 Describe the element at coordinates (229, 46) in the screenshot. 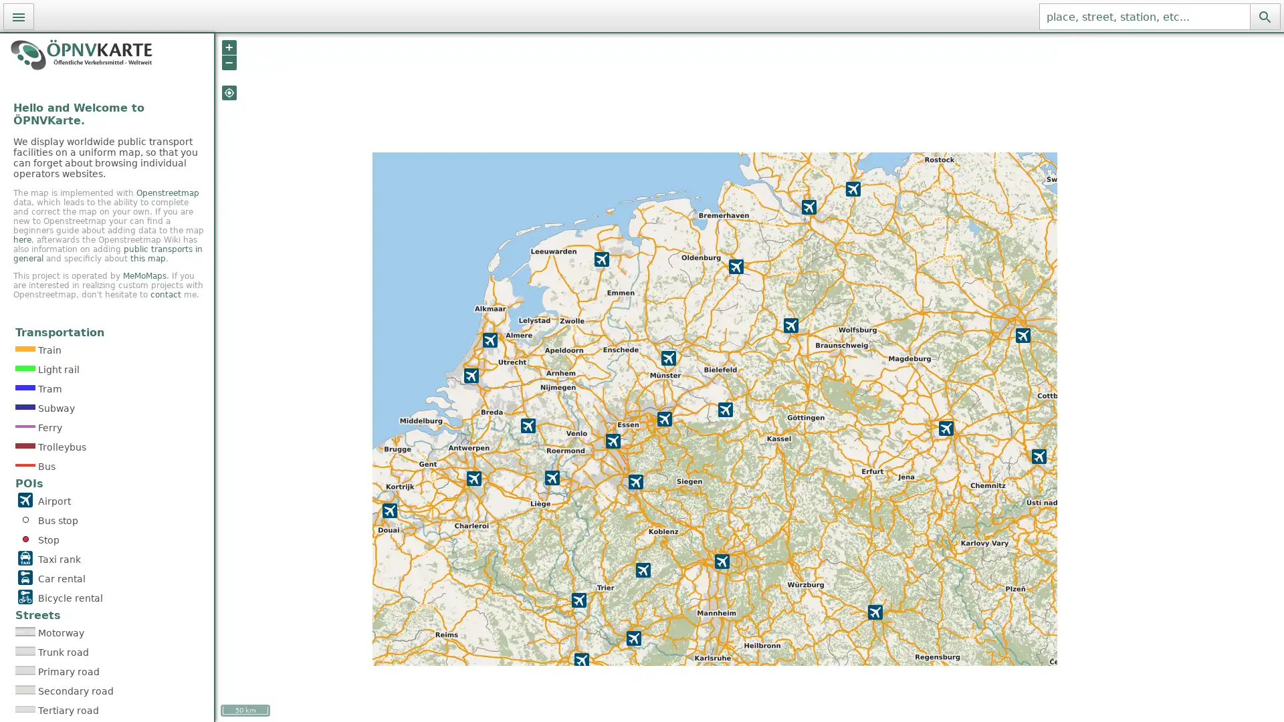

I see `+` at that location.